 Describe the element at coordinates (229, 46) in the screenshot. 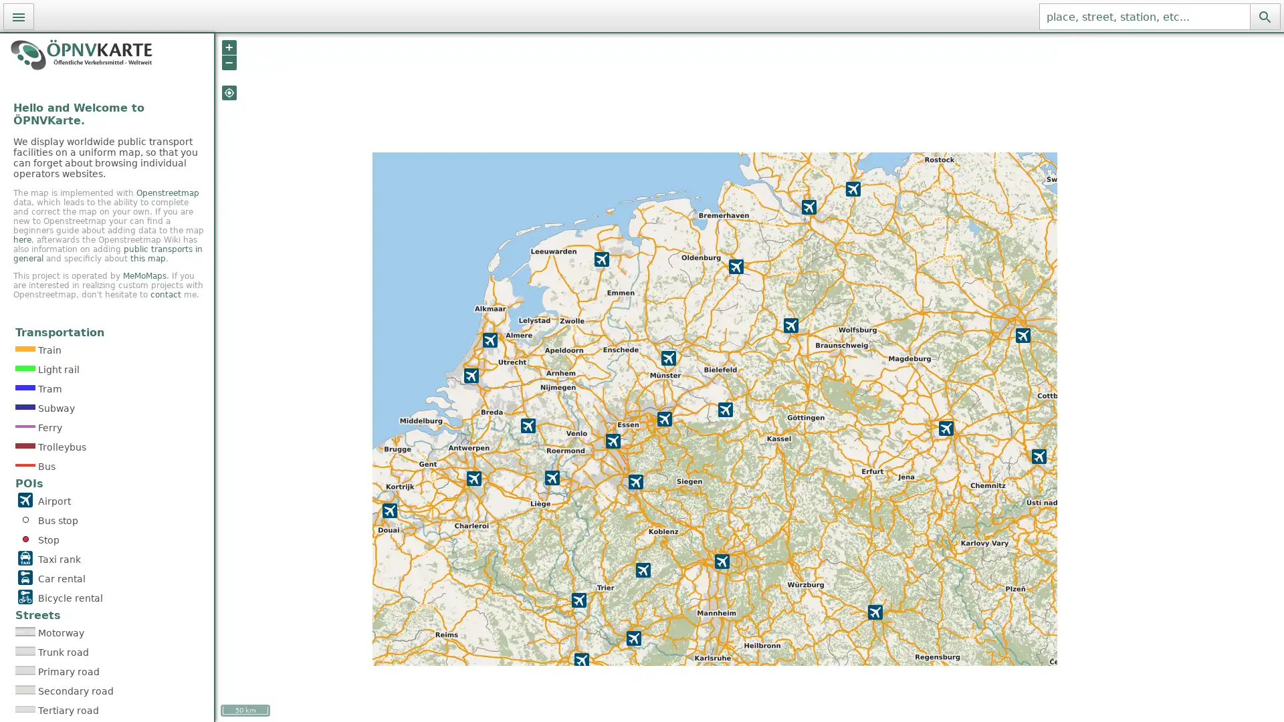

I see `+` at that location.